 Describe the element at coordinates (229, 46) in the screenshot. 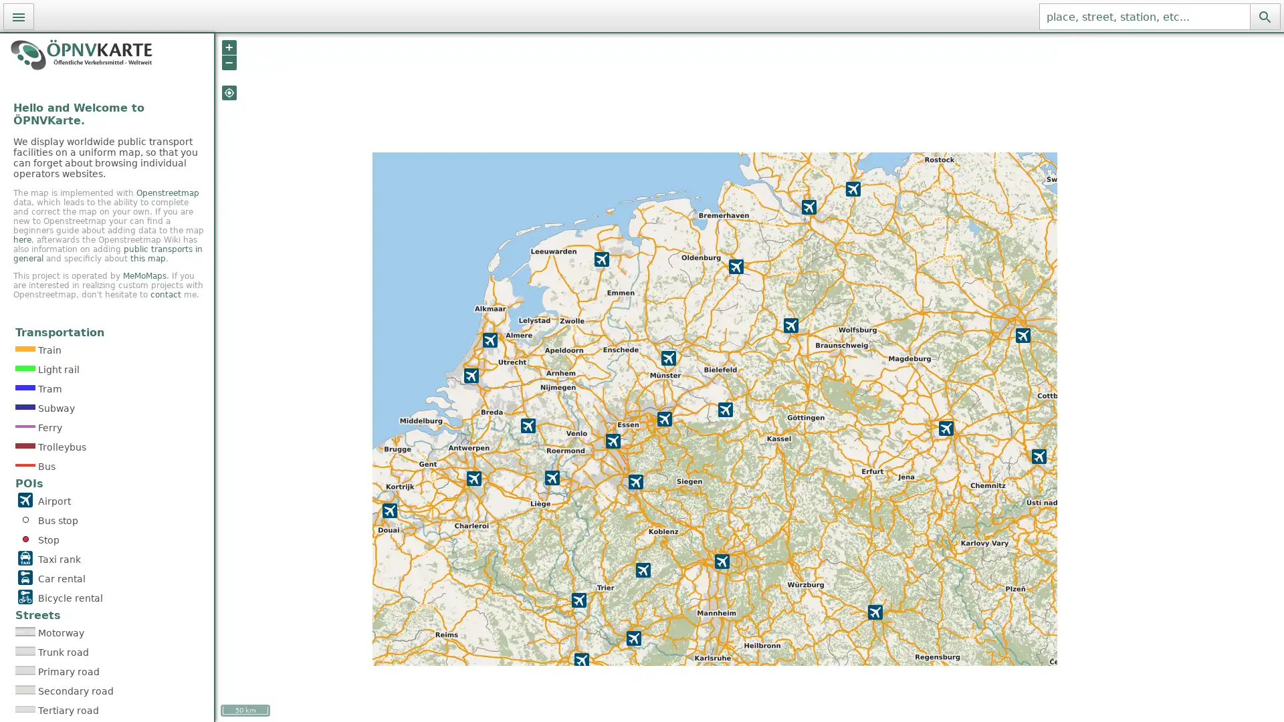

I see `+` at that location.